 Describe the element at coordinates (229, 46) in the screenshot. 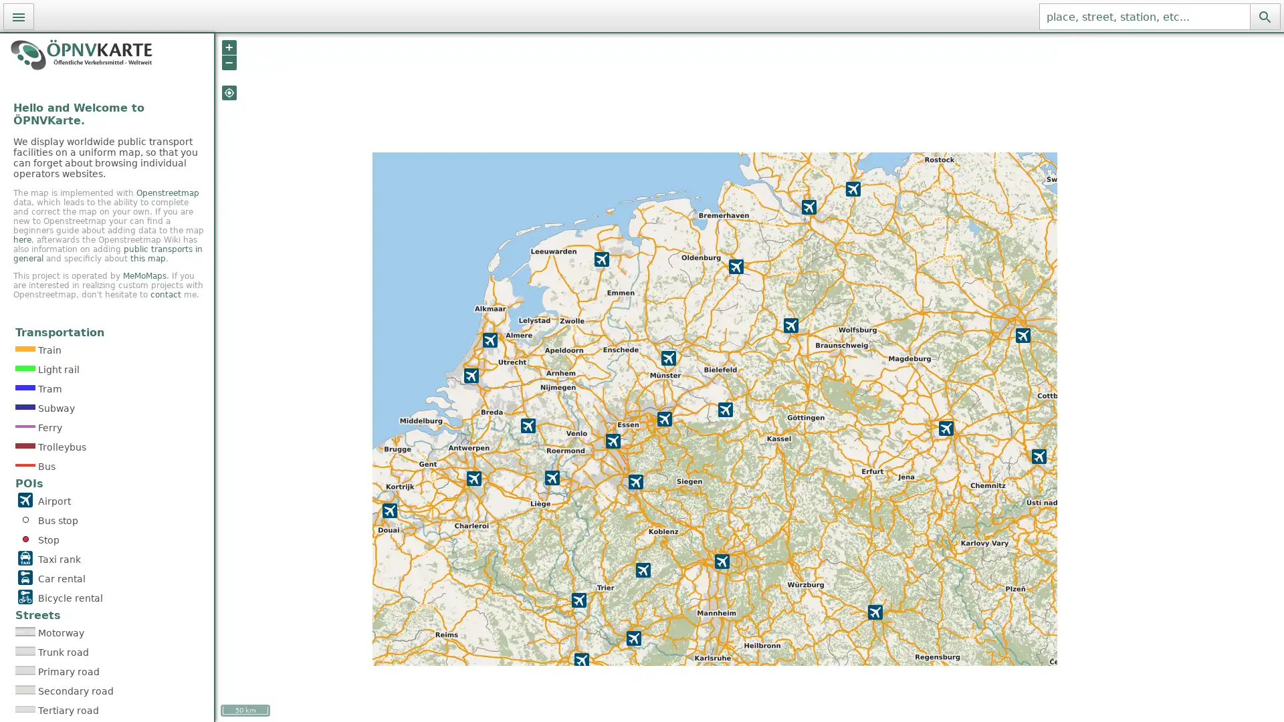

I see `+` at that location.